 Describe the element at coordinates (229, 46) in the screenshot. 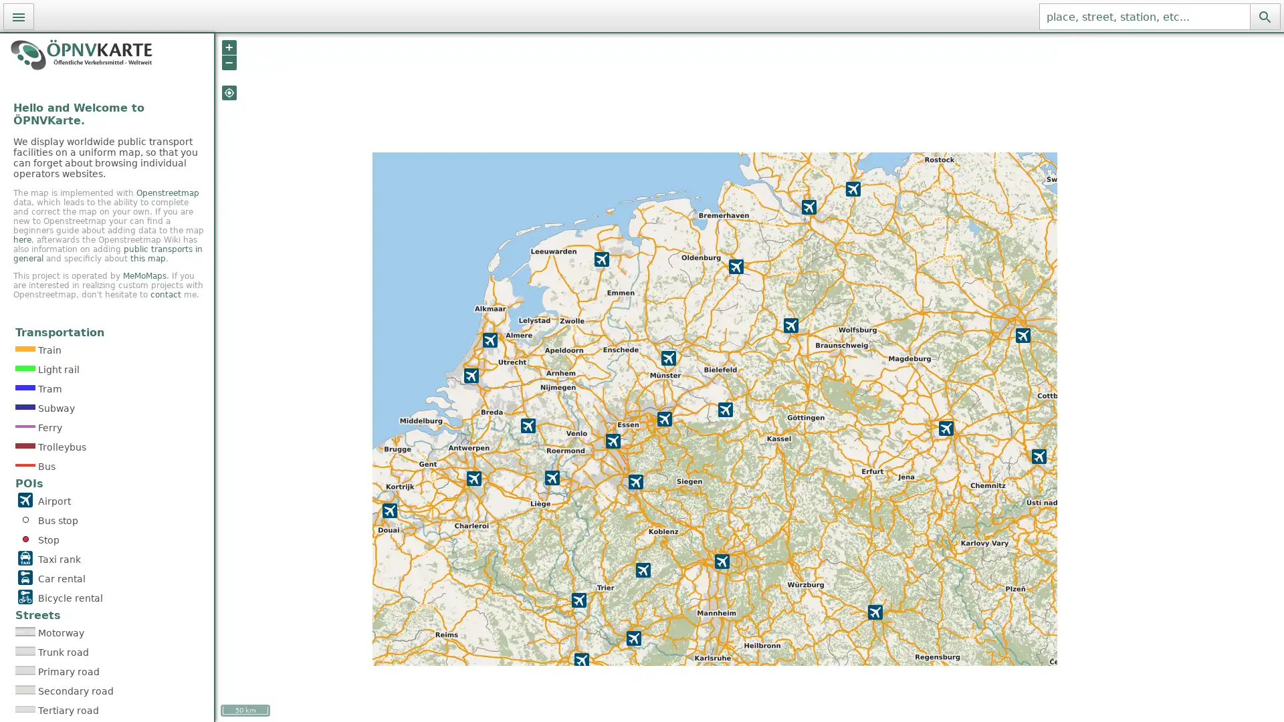

I see `+` at that location.